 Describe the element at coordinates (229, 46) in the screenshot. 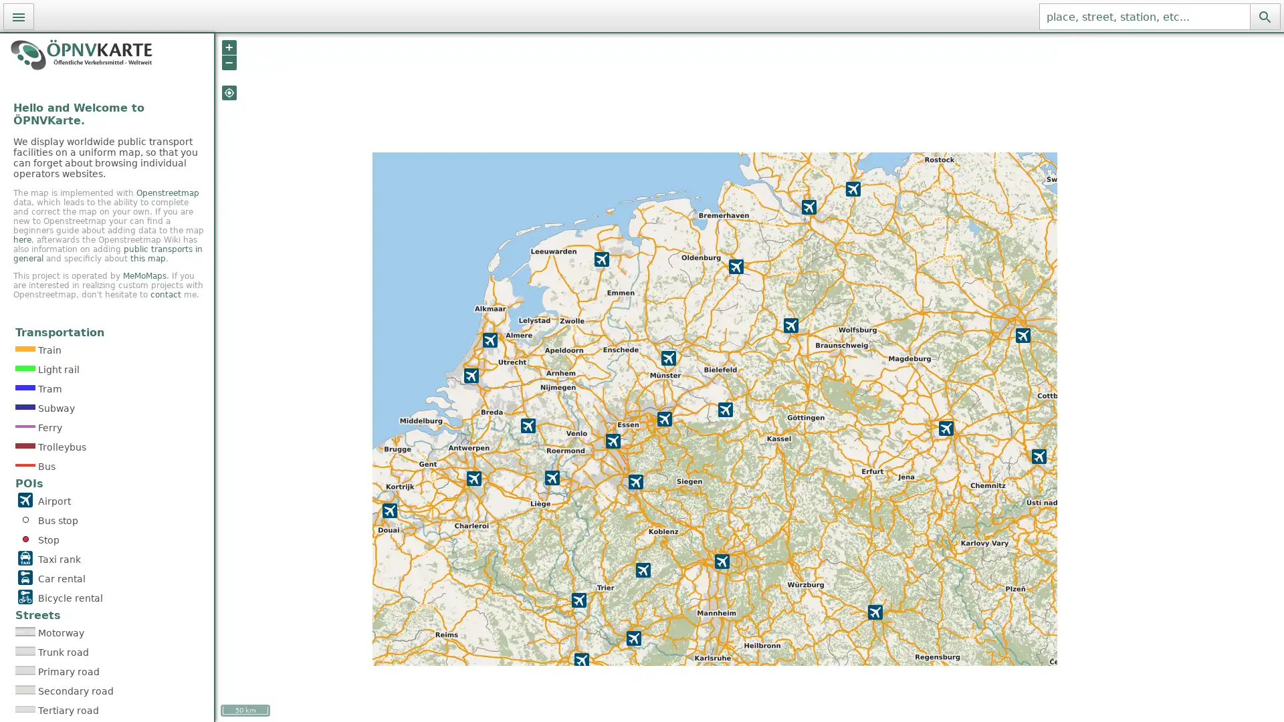

I see `+` at that location.